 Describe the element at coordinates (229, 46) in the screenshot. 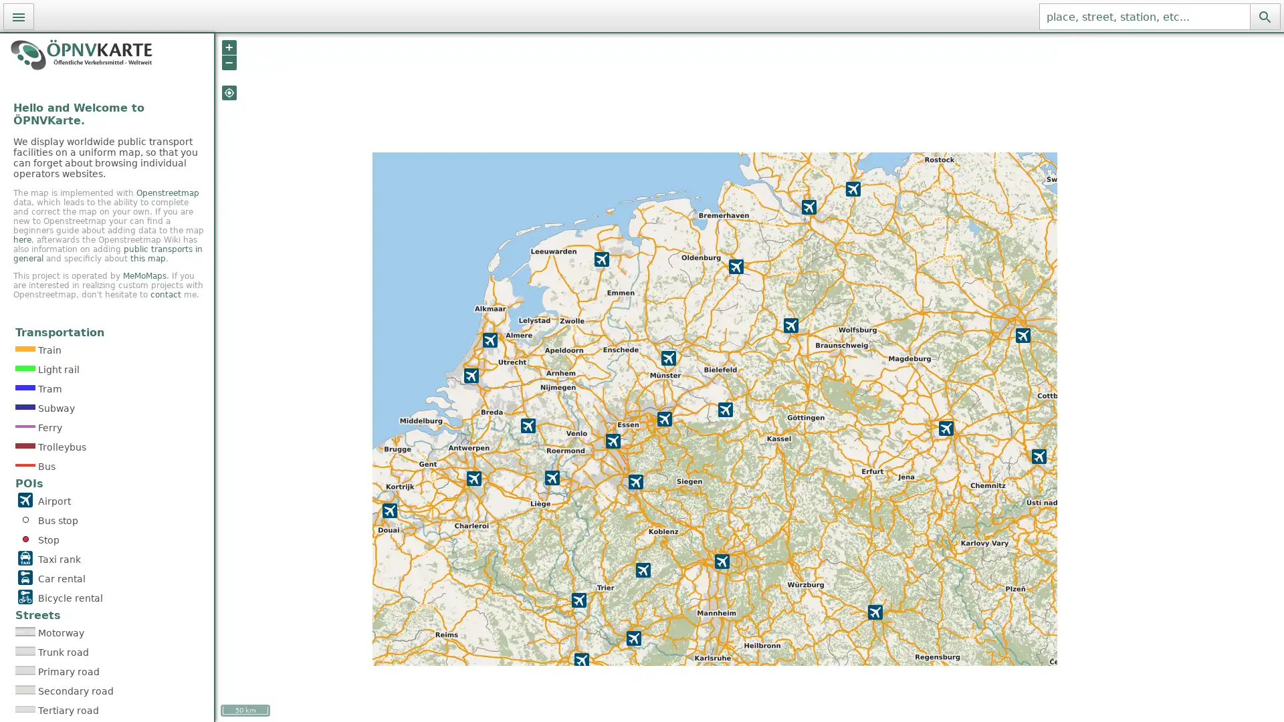

I see `+` at that location.